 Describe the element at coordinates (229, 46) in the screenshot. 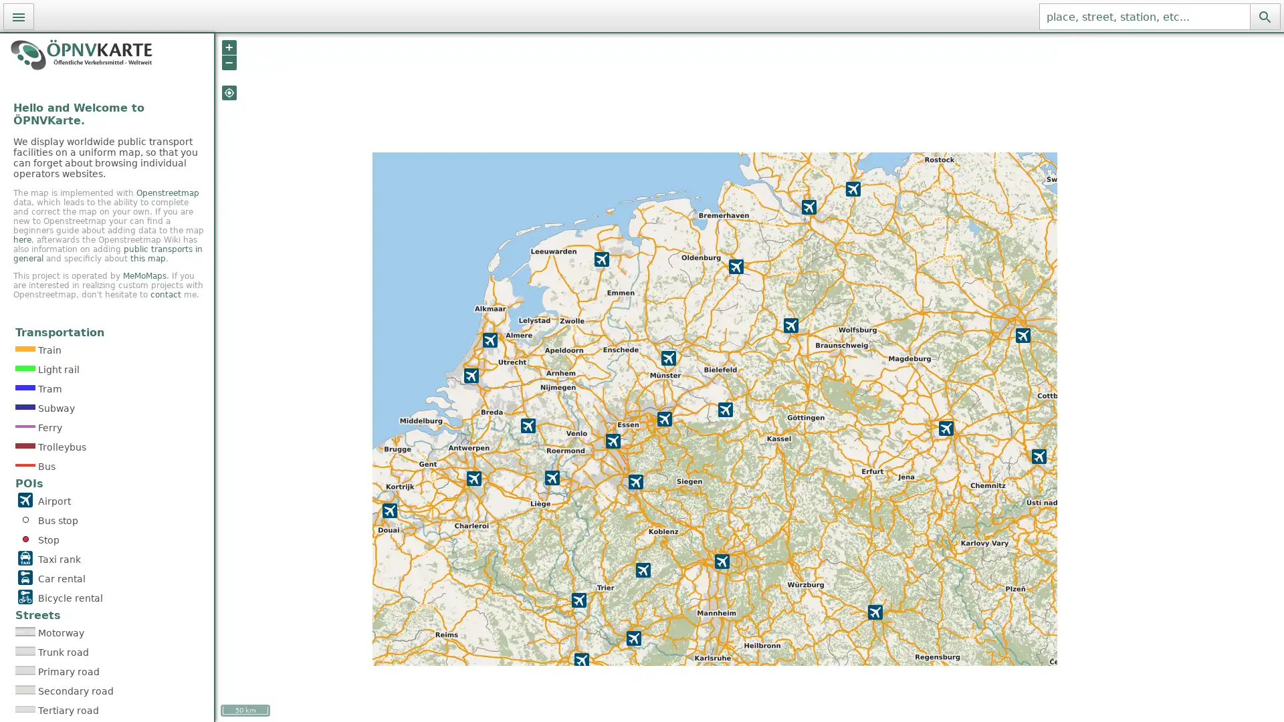

I see `+` at that location.